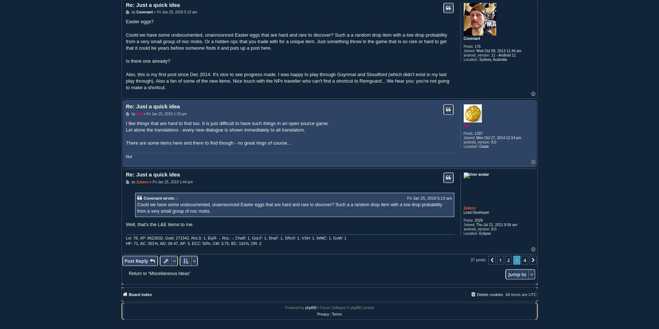  What do you see at coordinates (477, 133) in the screenshot?
I see `'1337'` at bounding box center [477, 133].